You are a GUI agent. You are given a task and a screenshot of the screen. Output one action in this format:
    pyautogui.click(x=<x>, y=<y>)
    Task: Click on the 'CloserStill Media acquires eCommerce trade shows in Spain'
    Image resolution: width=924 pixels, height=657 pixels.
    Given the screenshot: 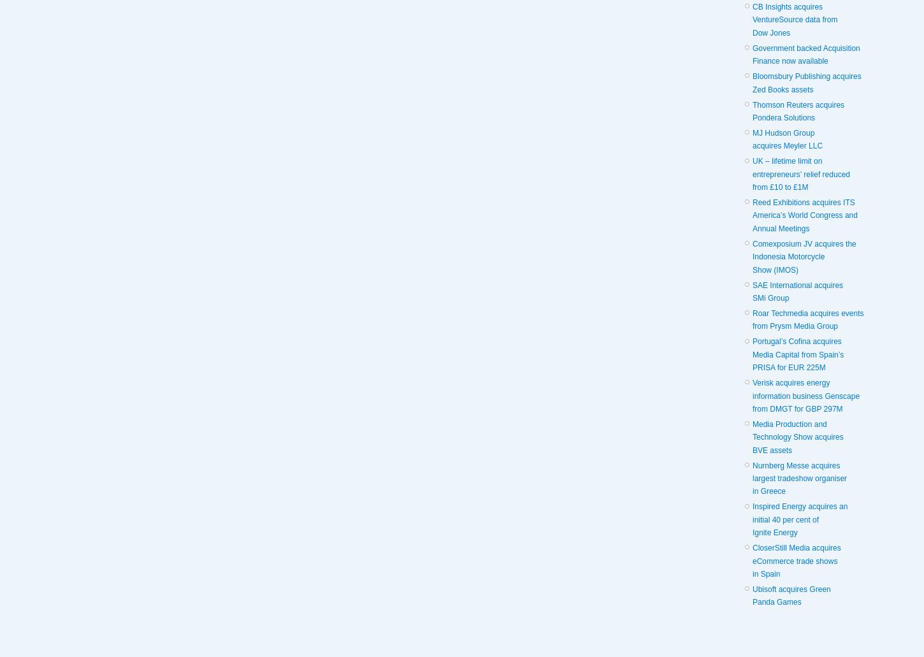 What is the action you would take?
    pyautogui.click(x=752, y=560)
    